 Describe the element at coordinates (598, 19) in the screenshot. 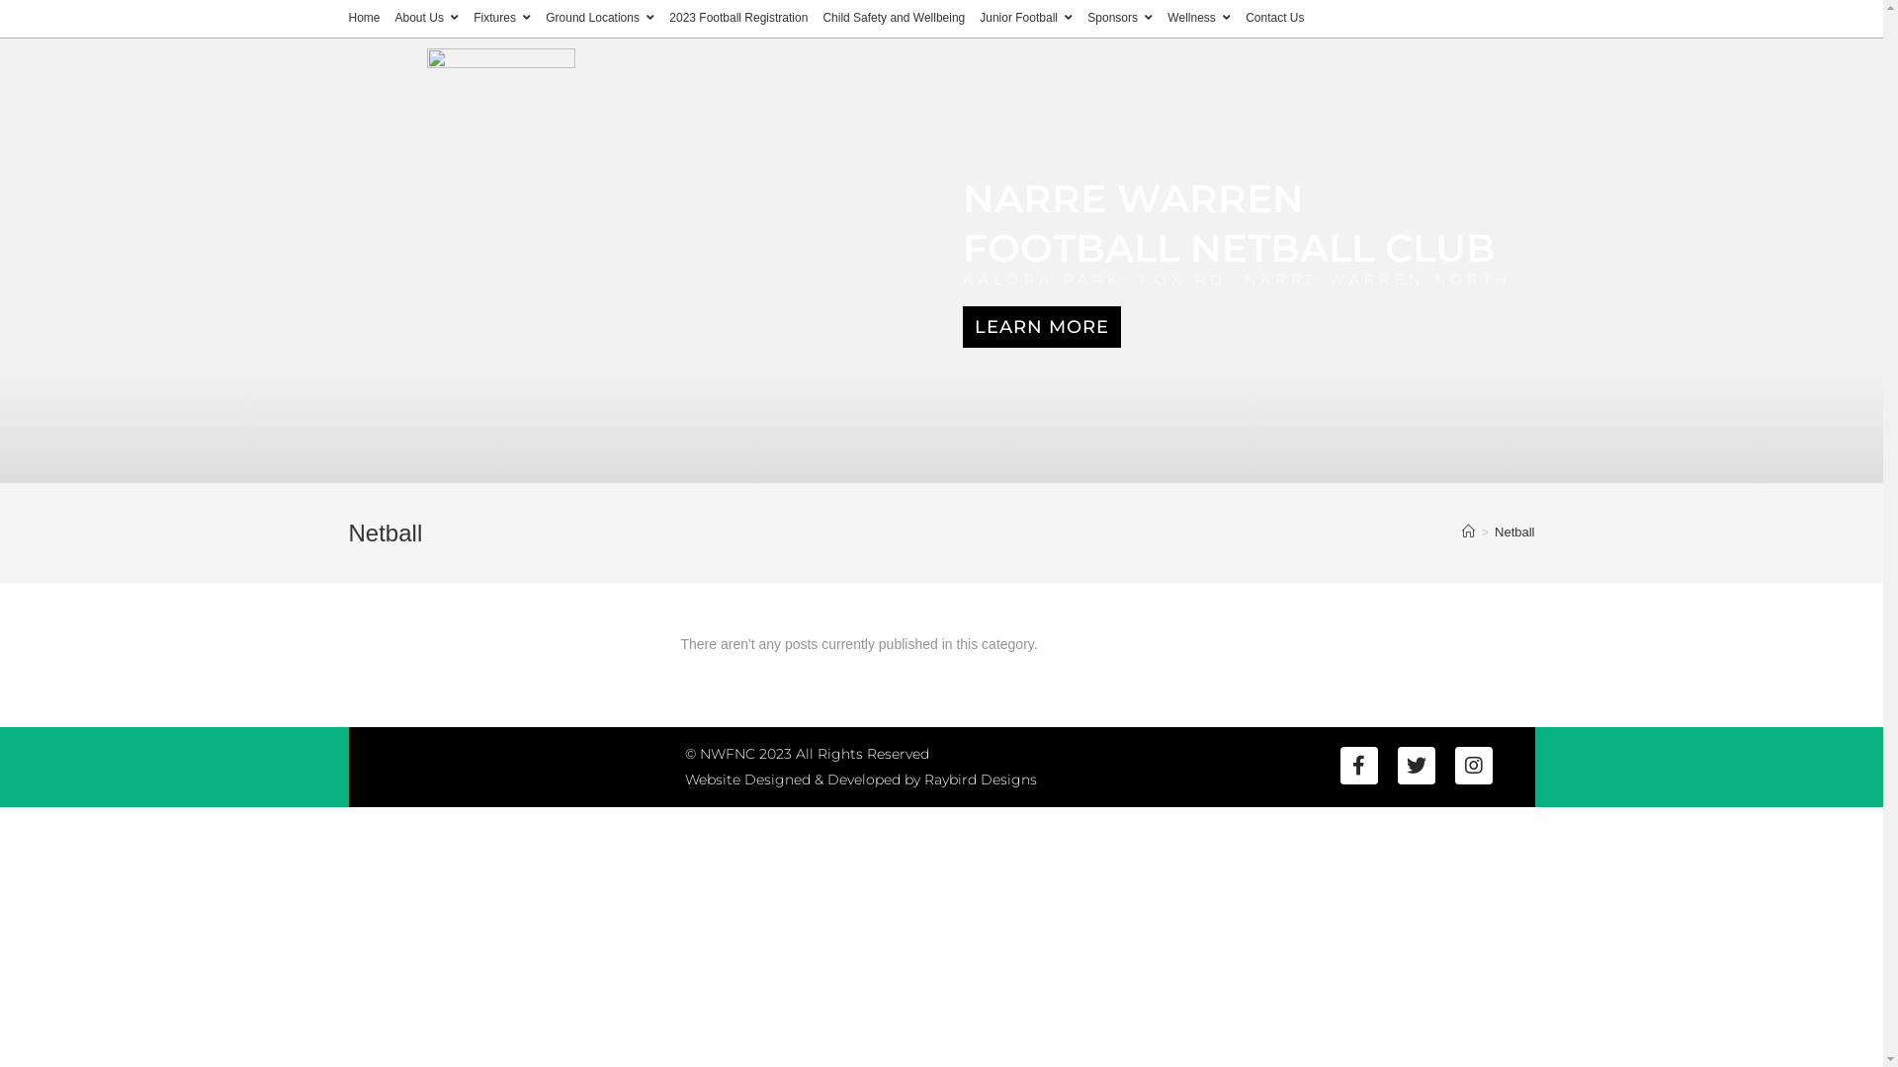

I see `'Ground Locations'` at that location.